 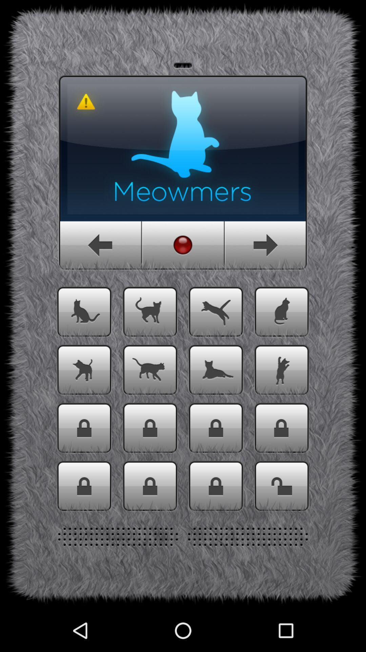 I want to click on the lock icon, so click(x=282, y=462).